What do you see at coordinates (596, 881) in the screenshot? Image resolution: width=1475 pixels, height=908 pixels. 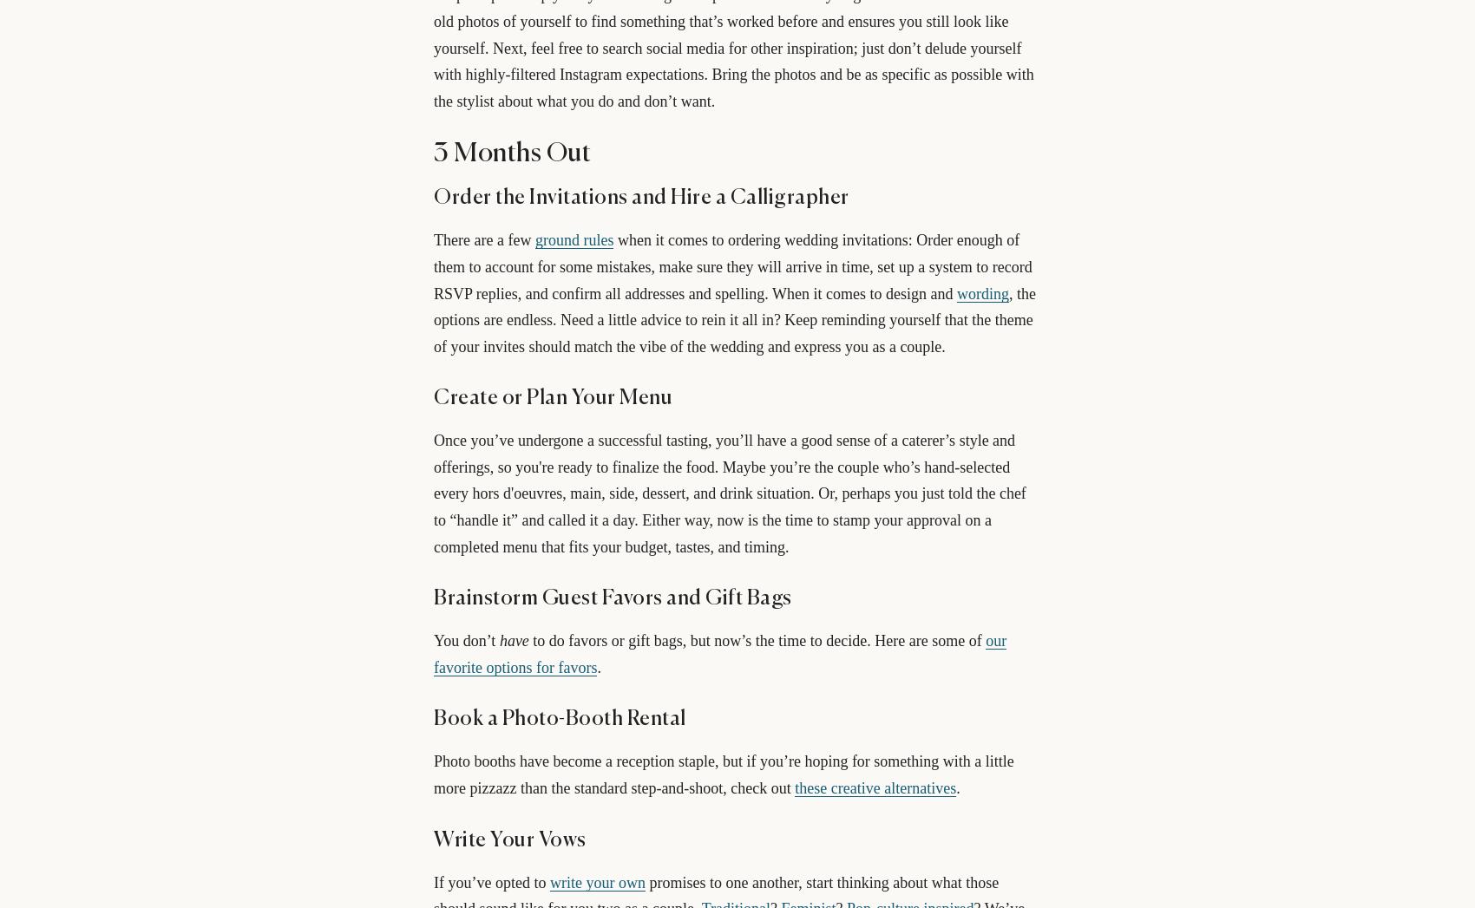 I see `'write your own'` at bounding box center [596, 881].